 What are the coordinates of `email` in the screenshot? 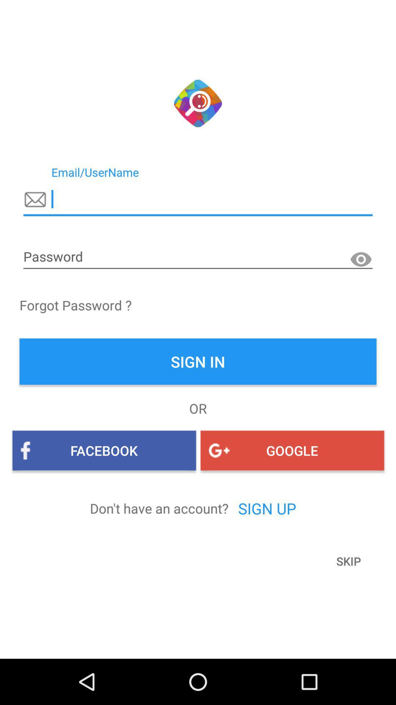 It's located at (198, 199).